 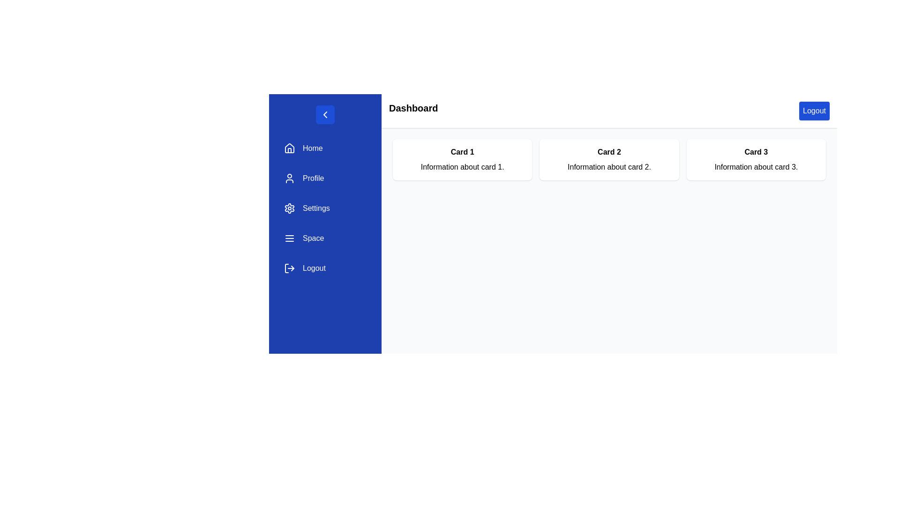 What do you see at coordinates (313, 179) in the screenshot?
I see `the 'Profile' text label in the navigation menu, which is styled in white text on a blue background and located below the 'Home' option` at bounding box center [313, 179].